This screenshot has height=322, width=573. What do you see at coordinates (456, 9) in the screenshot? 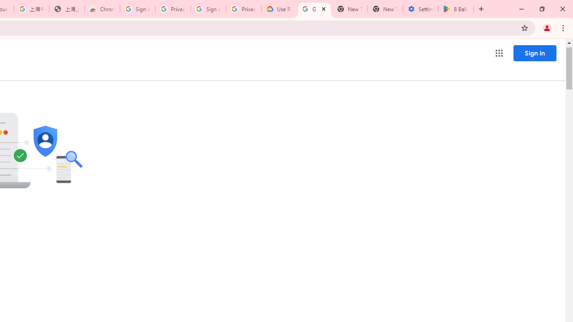
I see `'8 Ball Pool - Apps on Google Play'` at bounding box center [456, 9].